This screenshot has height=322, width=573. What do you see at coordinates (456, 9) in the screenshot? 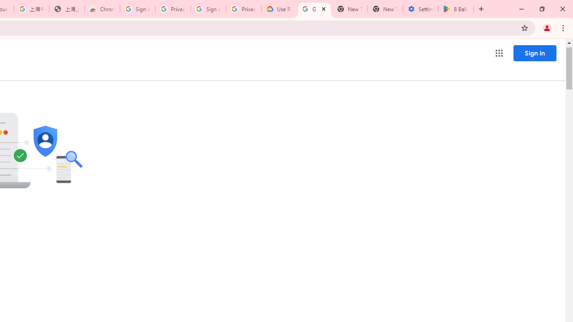
I see `'8 Ball Pool - Apps on Google Play'` at bounding box center [456, 9].